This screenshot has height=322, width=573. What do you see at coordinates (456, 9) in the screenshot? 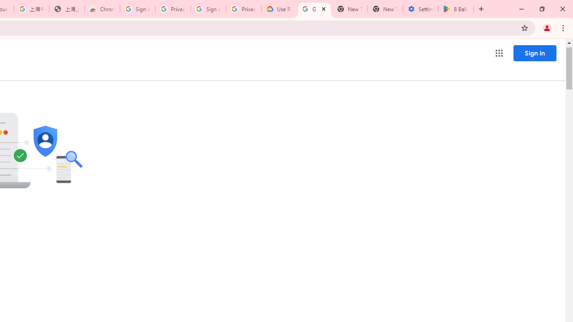
I see `'8 Ball Pool - Apps on Google Play'` at bounding box center [456, 9].